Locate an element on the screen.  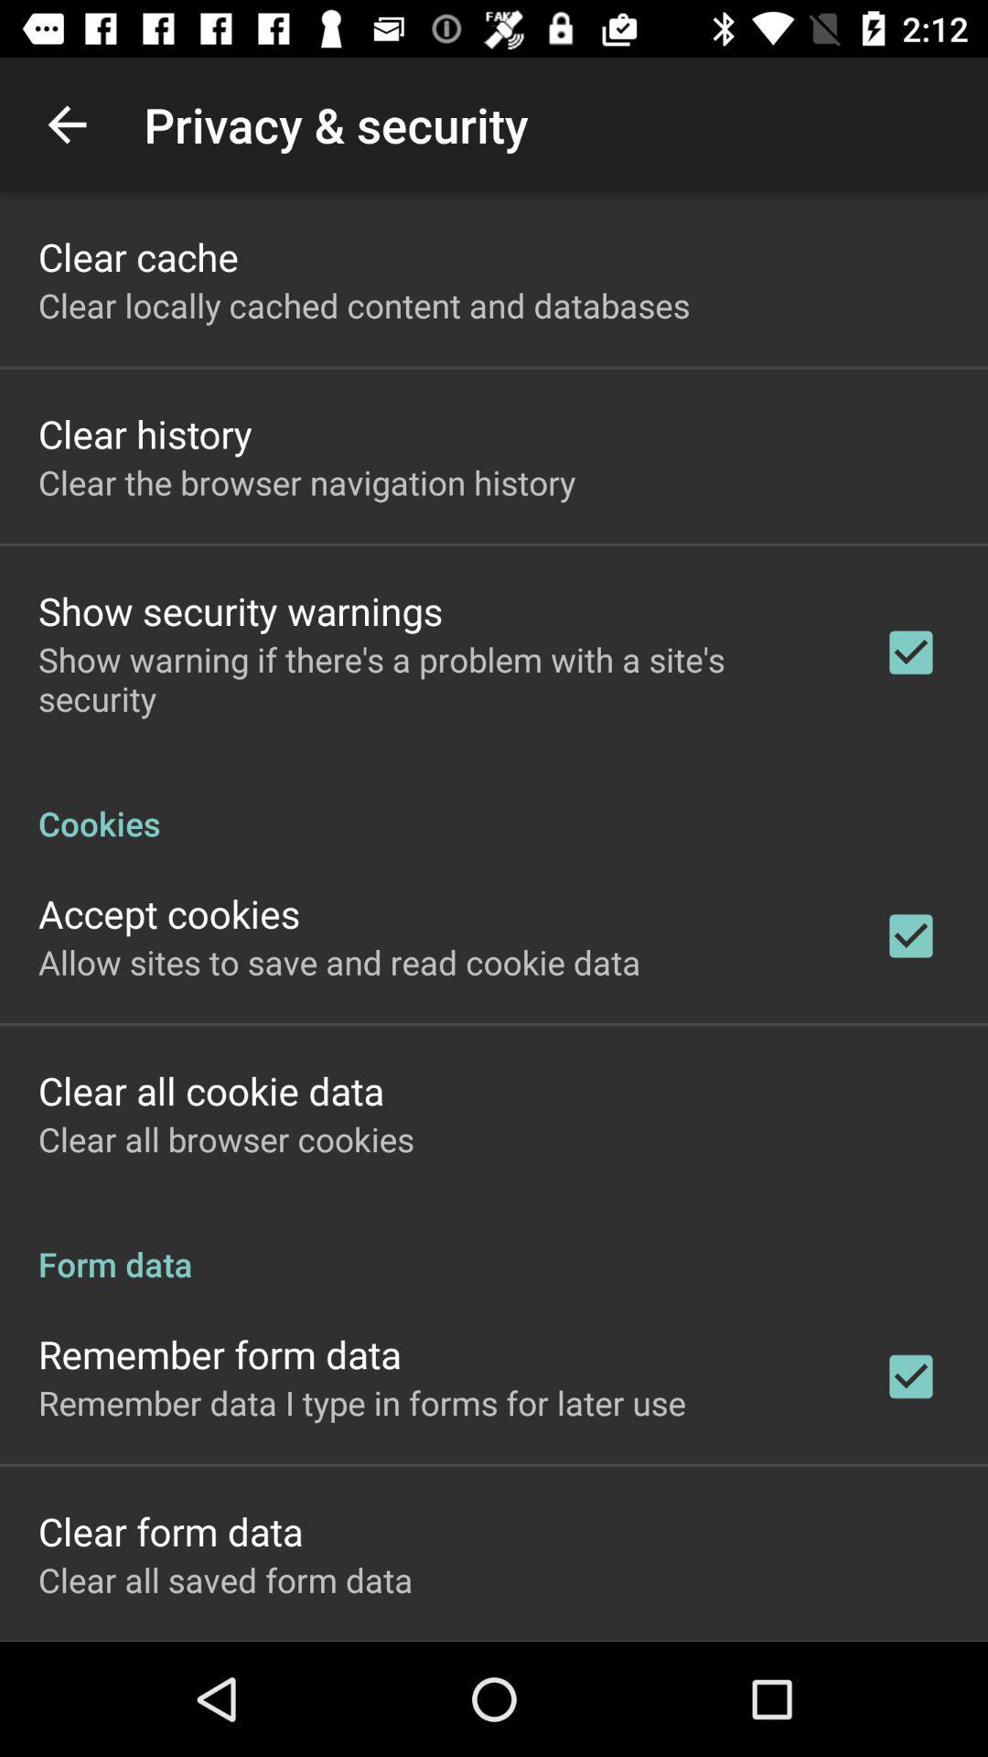
the allow sites to item is located at coordinates (339, 961).